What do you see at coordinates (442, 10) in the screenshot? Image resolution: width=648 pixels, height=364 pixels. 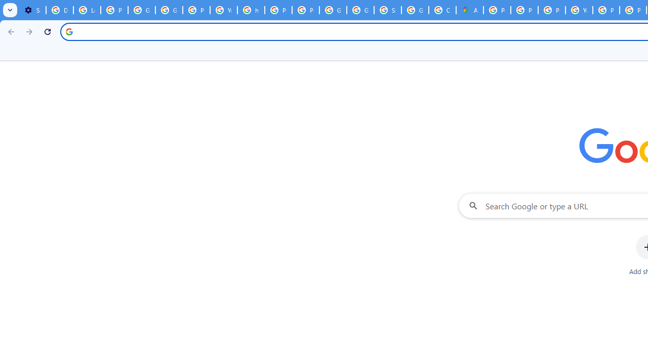 I see `'Create your Google Account'` at bounding box center [442, 10].